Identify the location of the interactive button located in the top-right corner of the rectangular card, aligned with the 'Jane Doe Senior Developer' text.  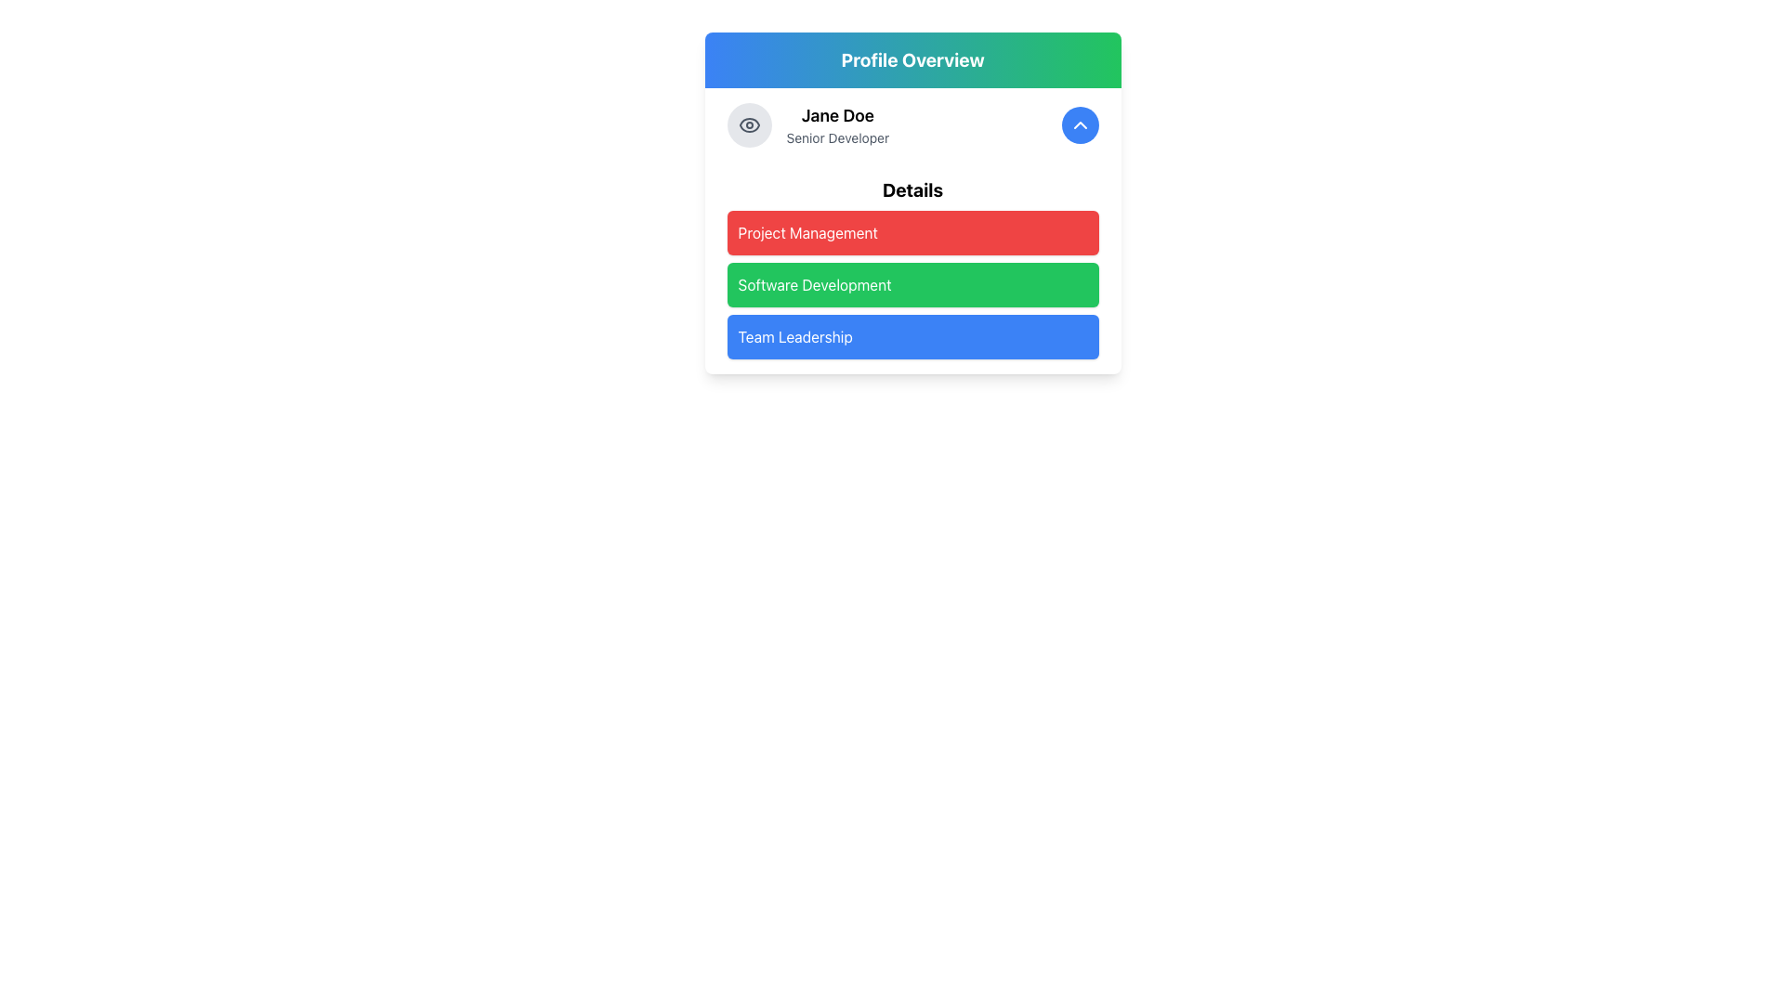
(1080, 125).